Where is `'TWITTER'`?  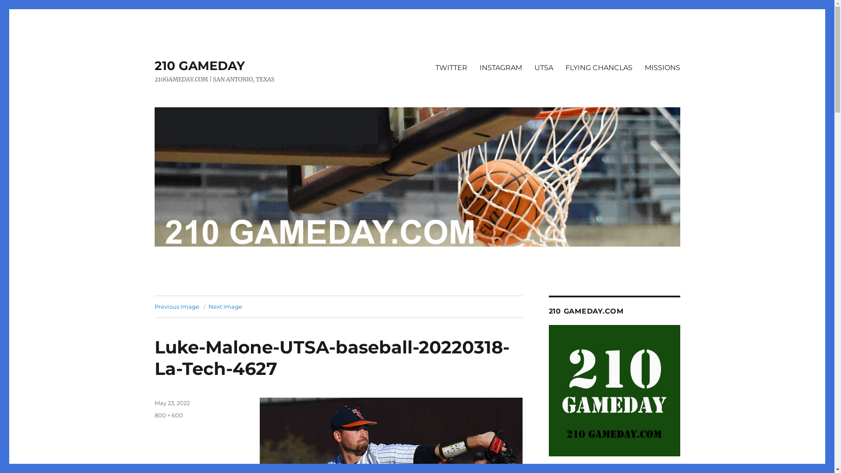 'TWITTER' is located at coordinates (451, 67).